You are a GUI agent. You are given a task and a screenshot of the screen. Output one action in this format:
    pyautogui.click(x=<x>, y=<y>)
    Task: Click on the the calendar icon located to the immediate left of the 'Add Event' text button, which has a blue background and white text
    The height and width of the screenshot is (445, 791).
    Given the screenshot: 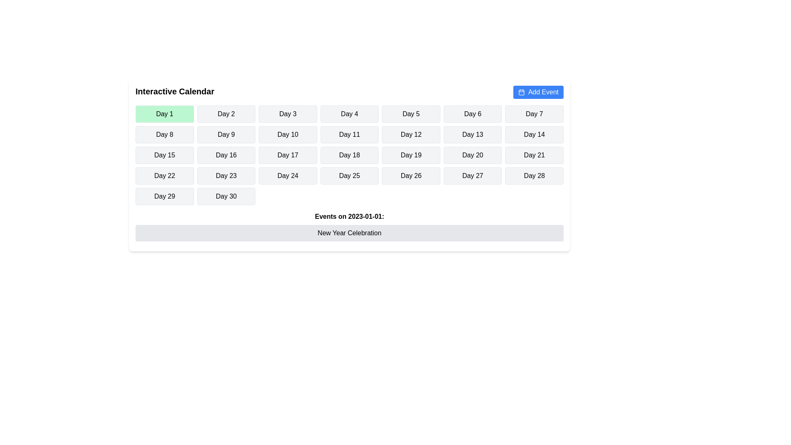 What is the action you would take?
    pyautogui.click(x=521, y=92)
    